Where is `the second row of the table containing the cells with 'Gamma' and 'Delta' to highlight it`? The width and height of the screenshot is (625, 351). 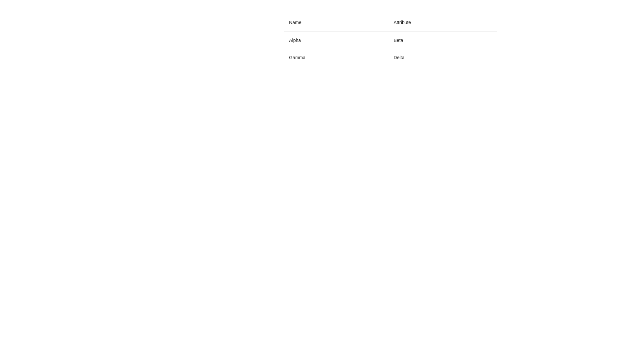
the second row of the table containing the cells with 'Gamma' and 'Delta' to highlight it is located at coordinates (390, 57).